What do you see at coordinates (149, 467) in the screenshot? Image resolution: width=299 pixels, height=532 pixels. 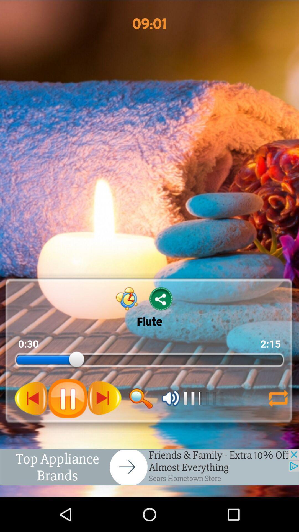 I see `open advertisement` at bounding box center [149, 467].